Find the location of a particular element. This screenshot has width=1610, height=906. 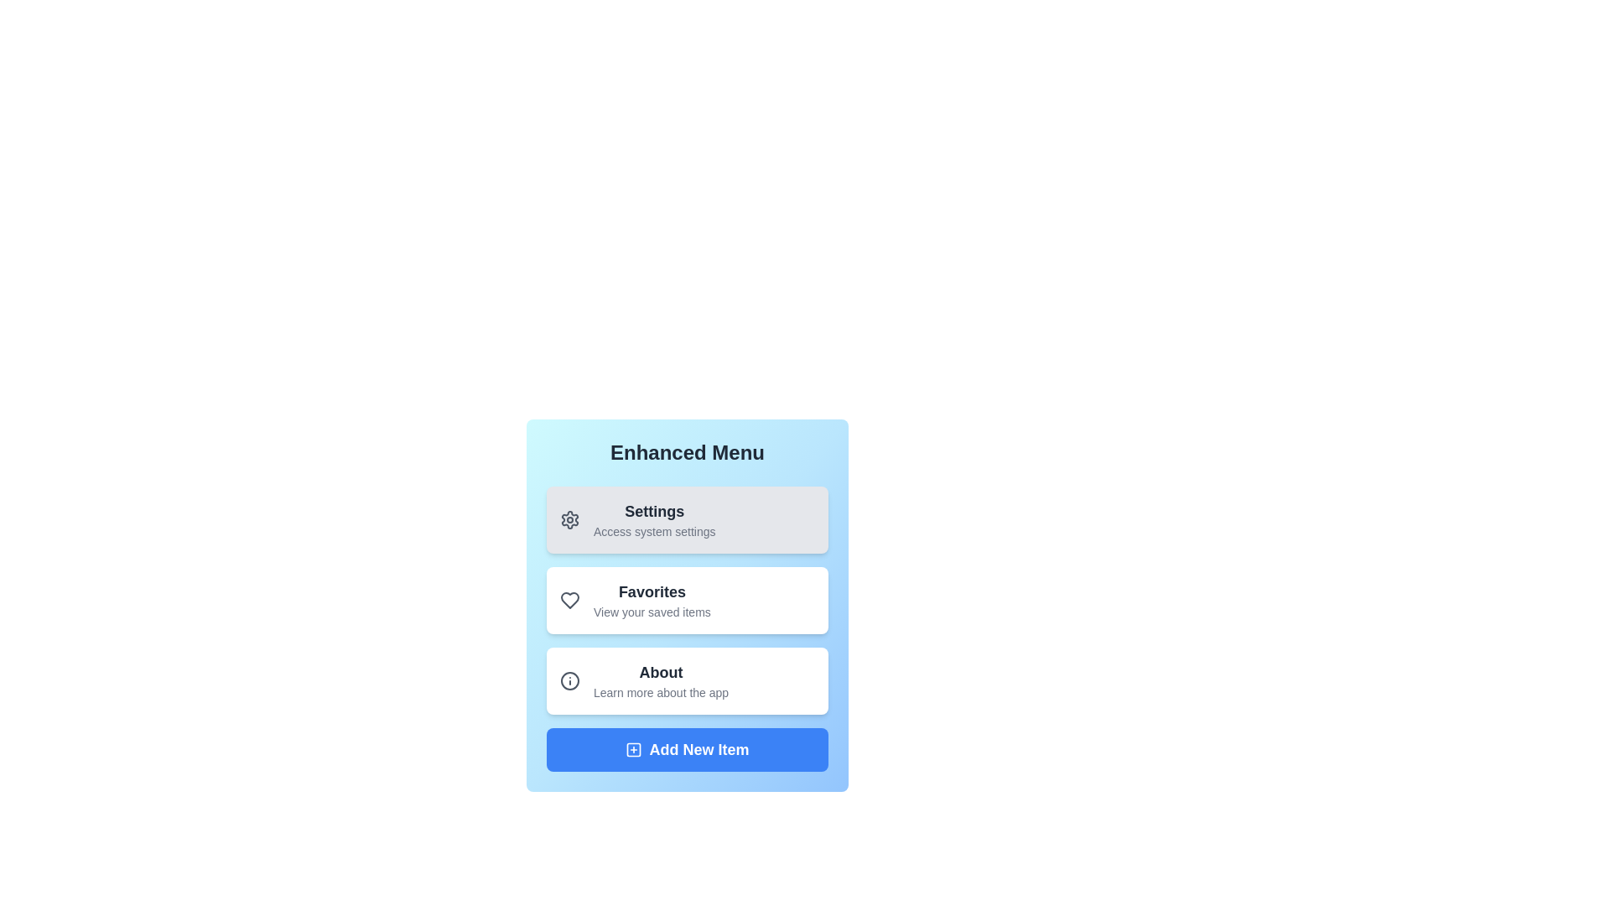

the menu item labeled 'Settings' to activate it is located at coordinates (688, 519).